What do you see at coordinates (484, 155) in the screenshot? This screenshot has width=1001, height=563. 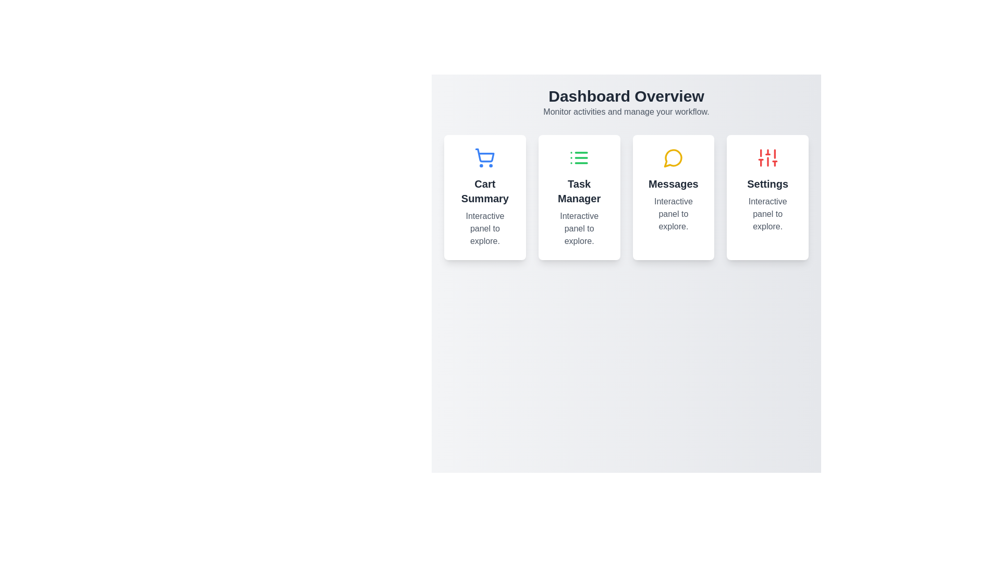 I see `the shopping cart icon located at the top left of the first card` at bounding box center [484, 155].